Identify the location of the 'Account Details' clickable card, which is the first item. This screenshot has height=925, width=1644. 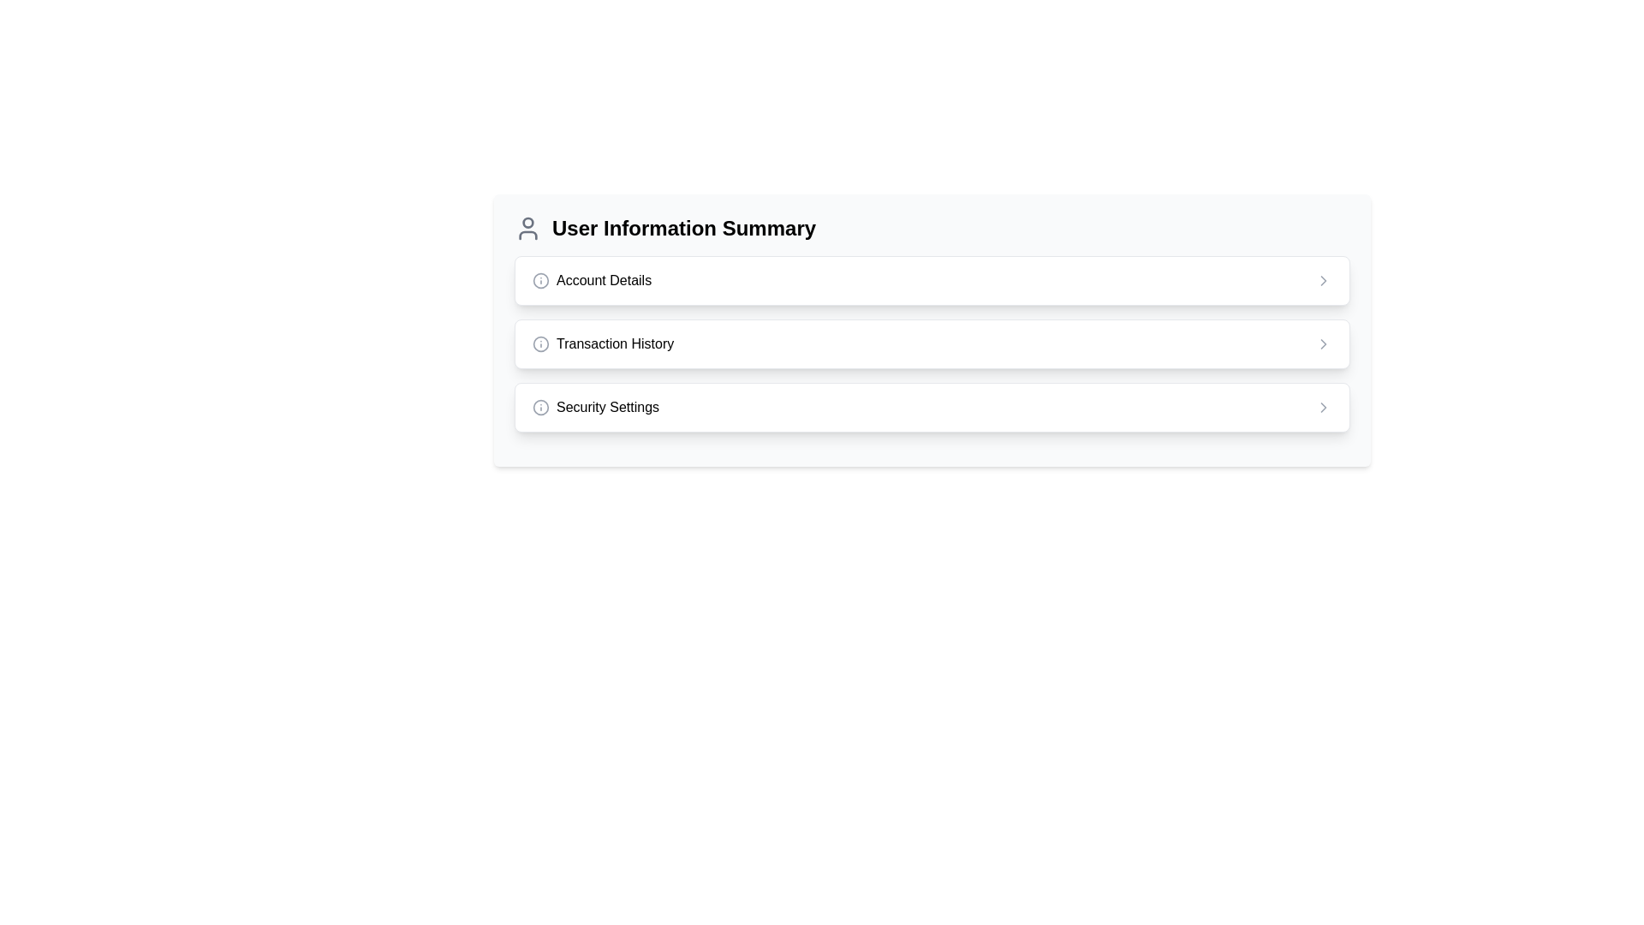
(932, 279).